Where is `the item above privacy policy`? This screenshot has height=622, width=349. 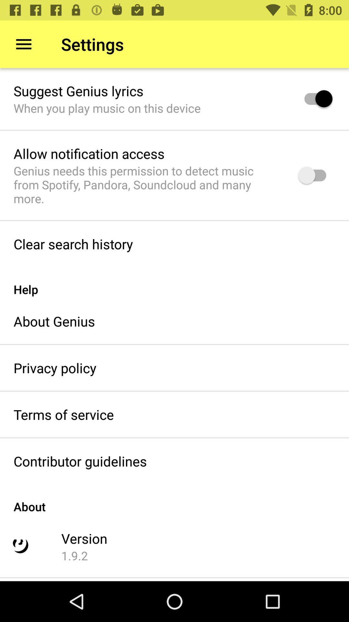
the item above privacy policy is located at coordinates (54, 321).